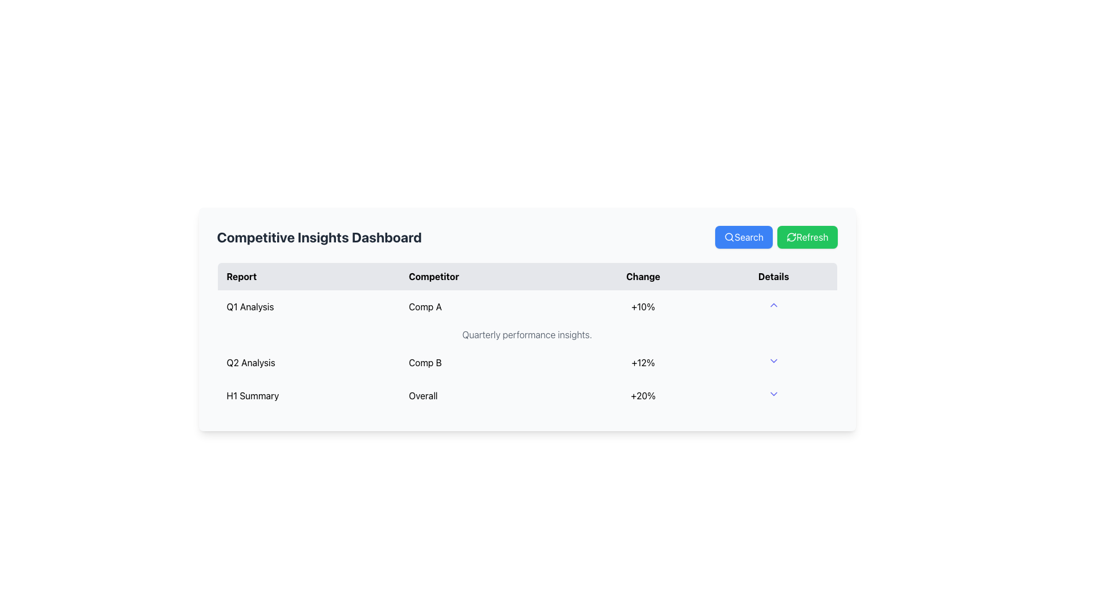 The width and height of the screenshot is (1095, 616). Describe the element at coordinates (773, 305) in the screenshot. I see `the interactive button located in the 'H1 Summary' section of the third row` at that location.